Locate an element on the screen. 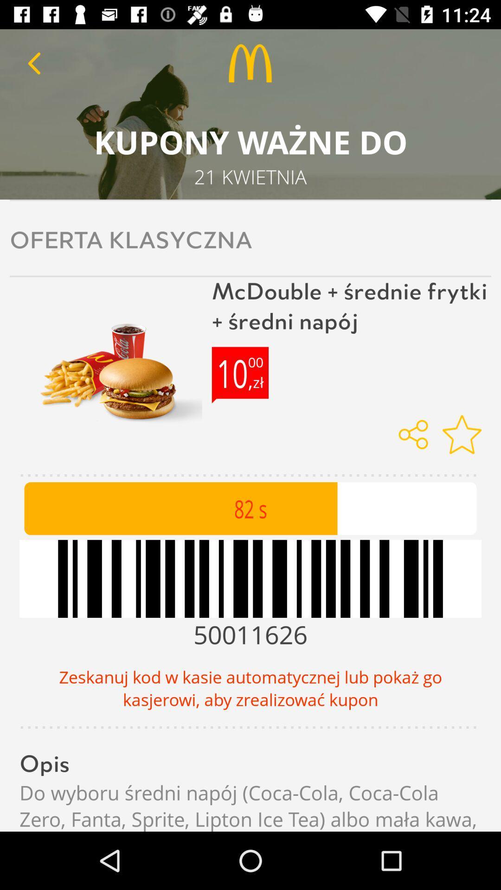 Image resolution: width=501 pixels, height=890 pixels. icon is located at coordinates (462, 434).